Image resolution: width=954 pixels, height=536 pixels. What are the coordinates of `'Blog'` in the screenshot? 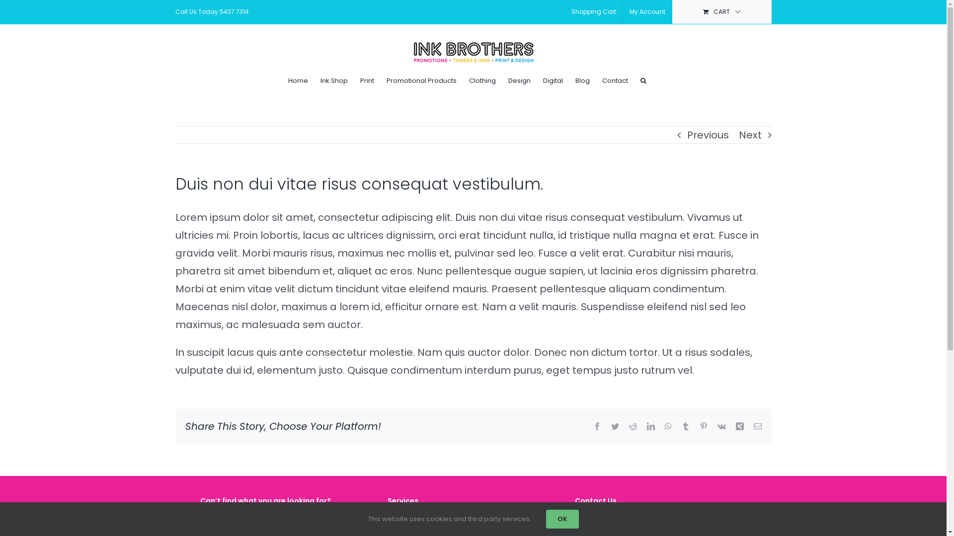 It's located at (582, 80).